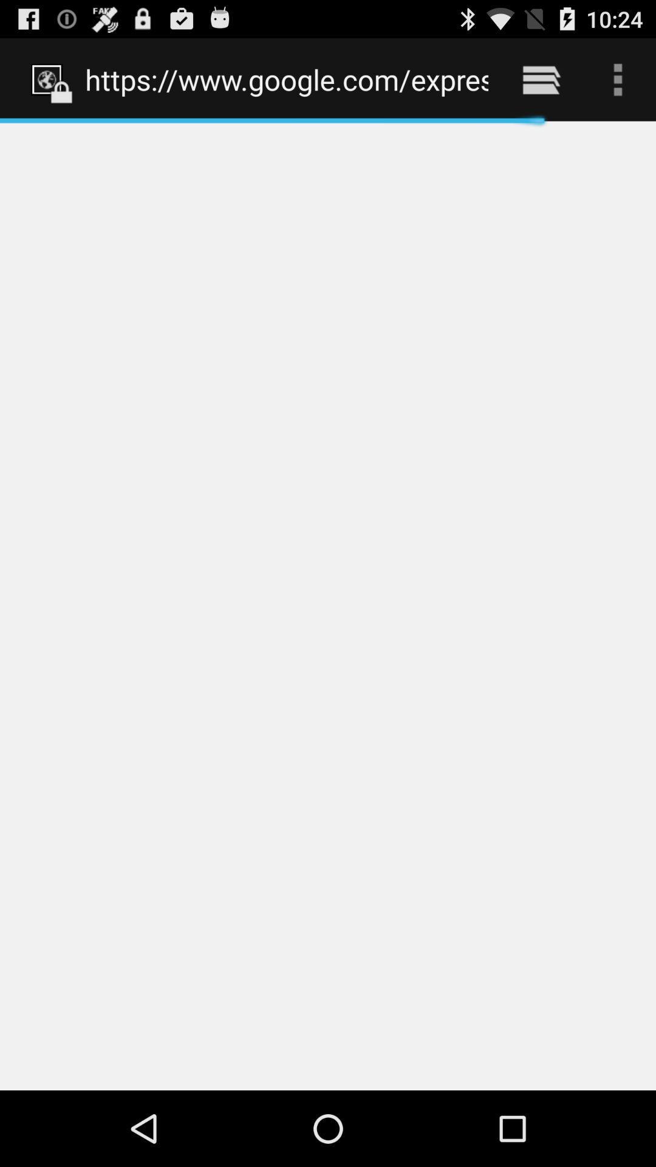 This screenshot has width=656, height=1167. I want to click on item at the center, so click(328, 605).